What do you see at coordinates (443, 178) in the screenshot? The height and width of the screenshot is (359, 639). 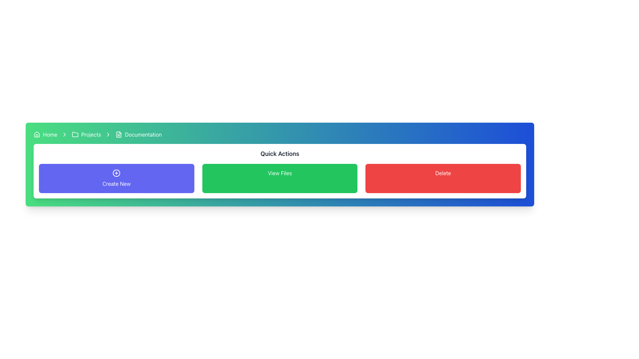 I see `the deletion button, which is the third button in a horizontally stacked group of three buttons` at bounding box center [443, 178].